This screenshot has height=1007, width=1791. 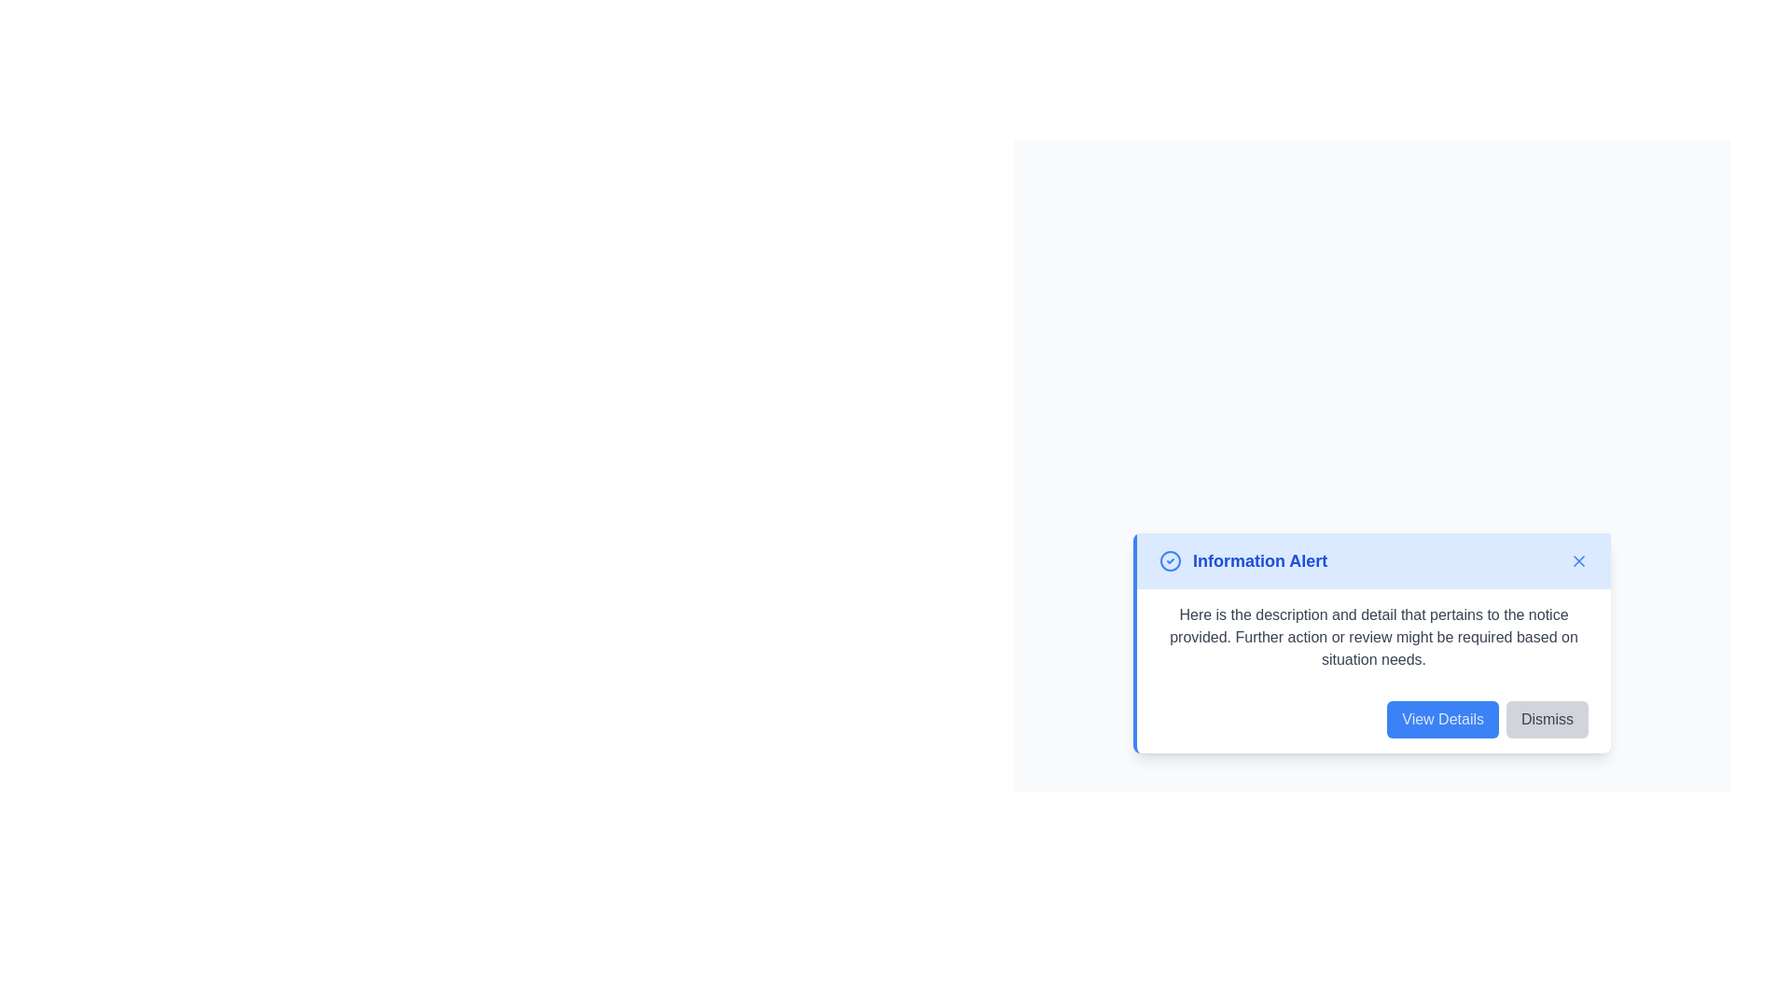 What do you see at coordinates (1374, 636) in the screenshot?
I see `the descriptive text styled with a gray font color that reads: 'Here is the description and detail that pertains to the notice provided. Further action or review might be required based on situation needs.' This text is located within the alert box beneath the 'Information Alert' header and above the 'View Details' and 'Dismiss' buttons` at bounding box center [1374, 636].